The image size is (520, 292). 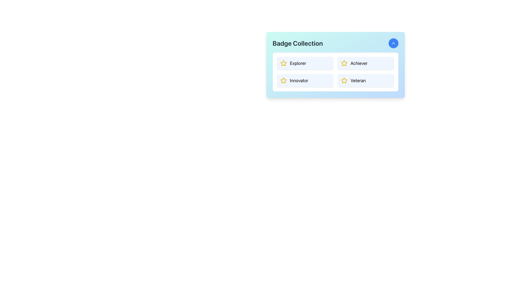 I want to click on the yellow outlined star icon located on the left side of the 'Veteran' button in the 'Badge Collection' section, so click(x=344, y=80).